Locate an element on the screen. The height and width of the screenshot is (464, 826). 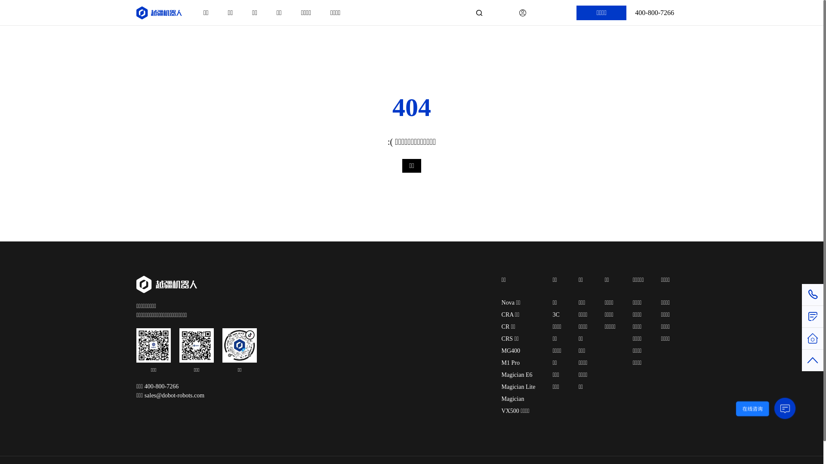
'Magician' is located at coordinates (513, 399).